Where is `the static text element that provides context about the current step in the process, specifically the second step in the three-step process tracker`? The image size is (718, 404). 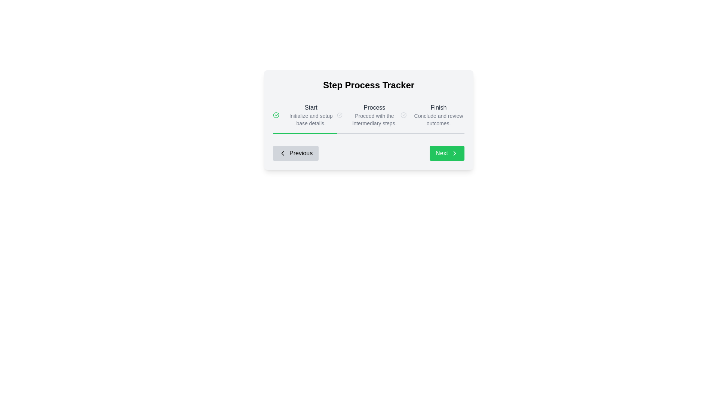 the static text element that provides context about the current step in the process, specifically the second step in the three-step process tracker is located at coordinates (374, 115).